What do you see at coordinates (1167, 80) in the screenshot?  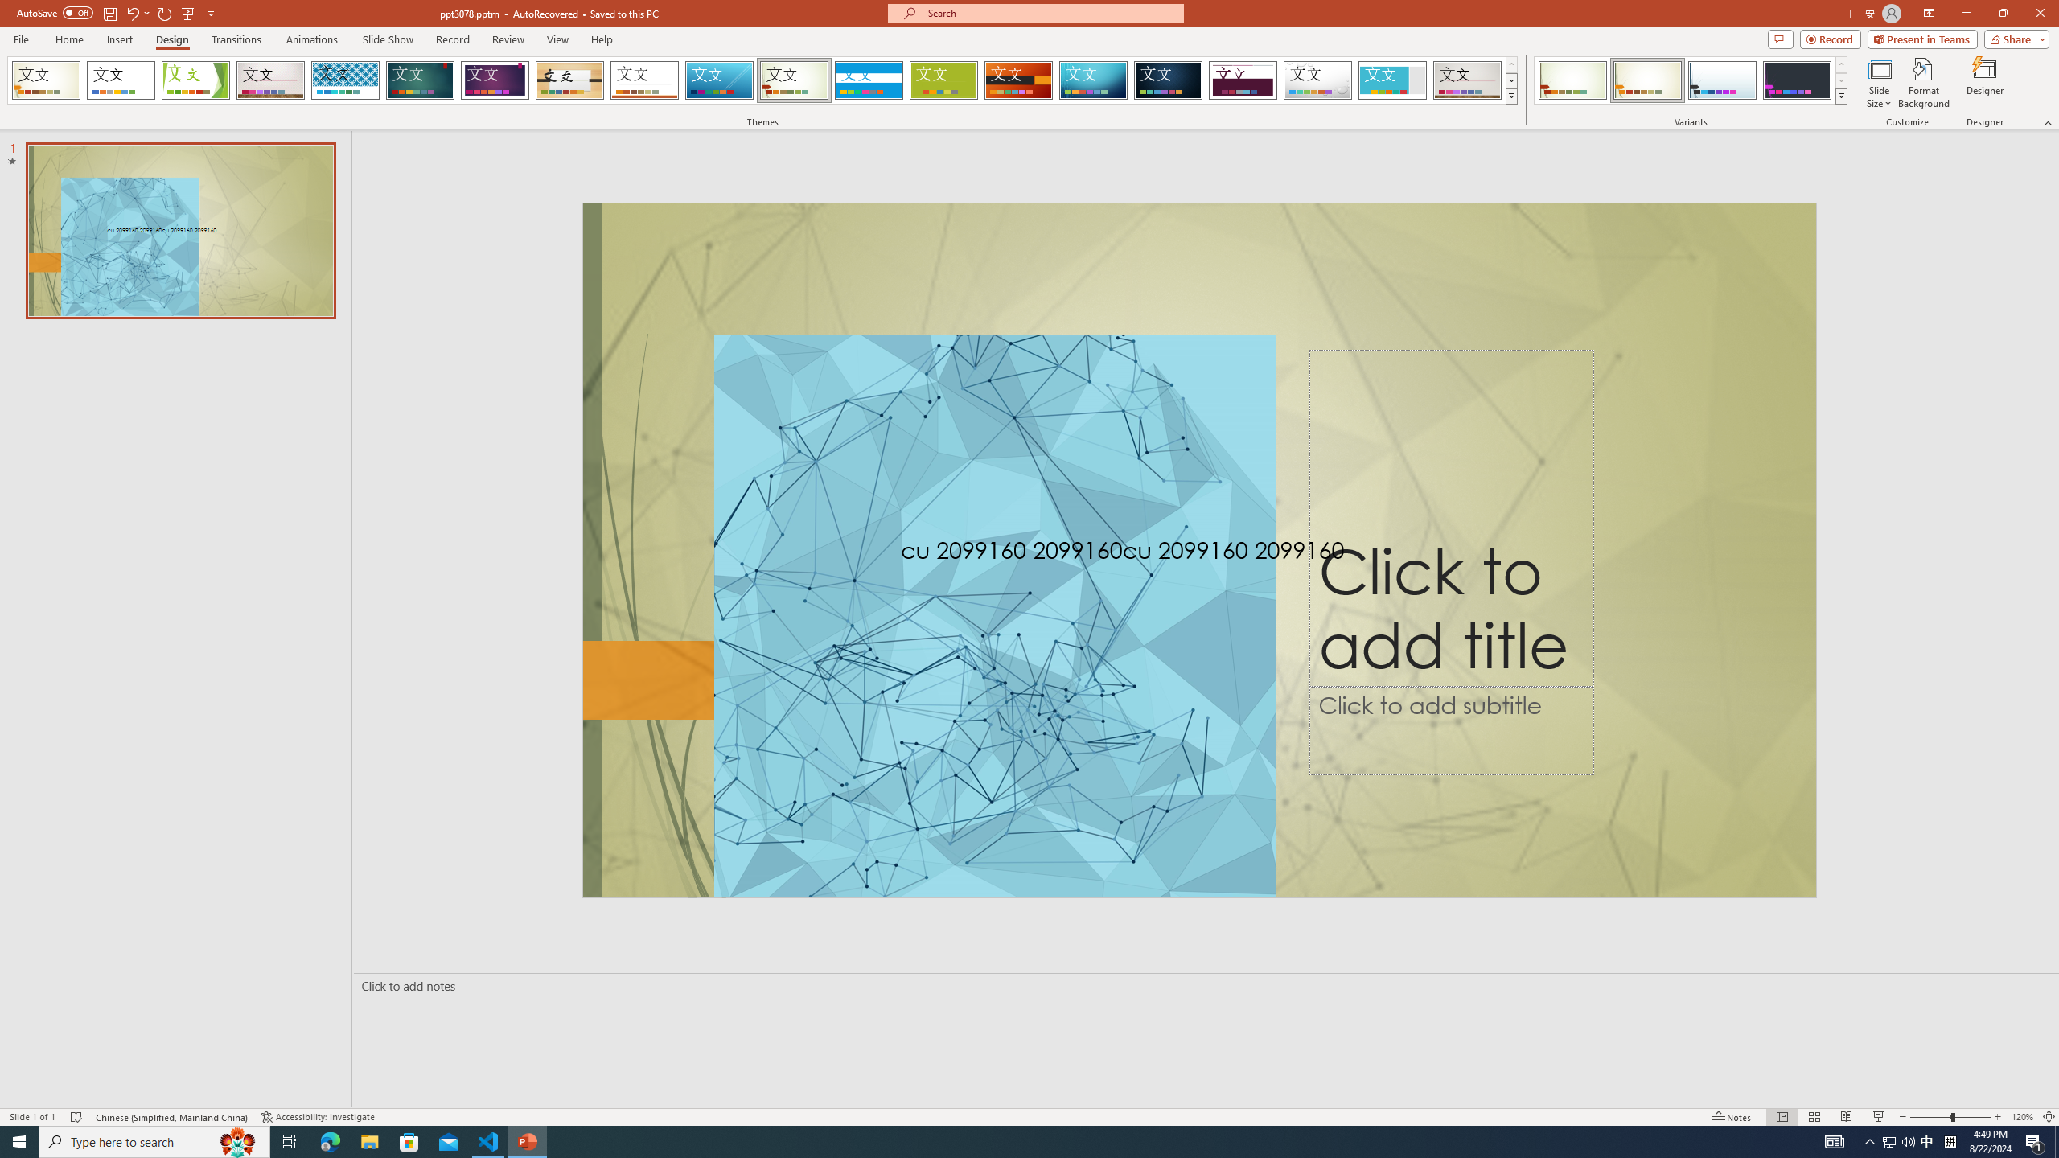 I see `'Damask Loading Preview...'` at bounding box center [1167, 80].